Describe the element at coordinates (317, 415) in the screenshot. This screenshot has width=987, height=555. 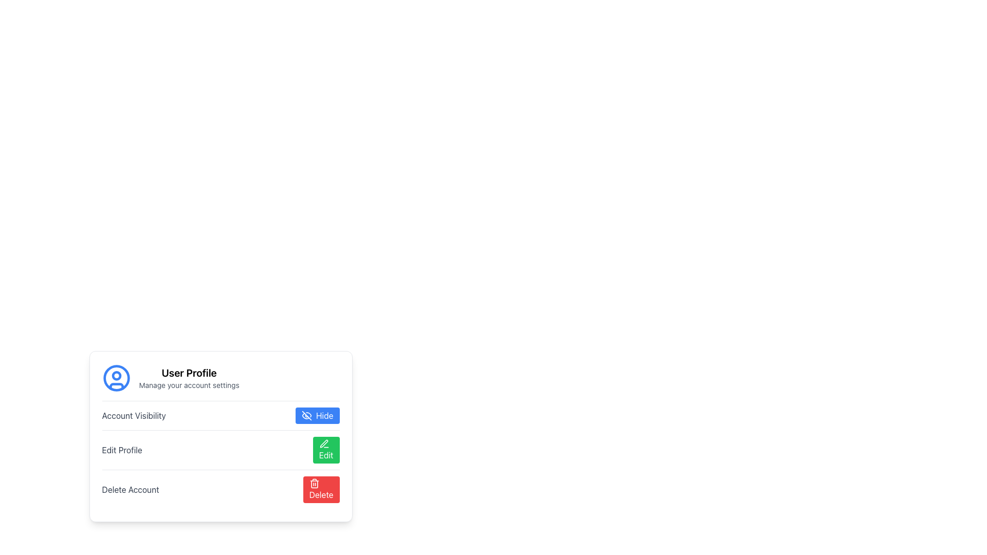
I see `the rectangular button with a blue background and white text that says 'Hide', located to the right of the 'Account Visibility' row` at that location.